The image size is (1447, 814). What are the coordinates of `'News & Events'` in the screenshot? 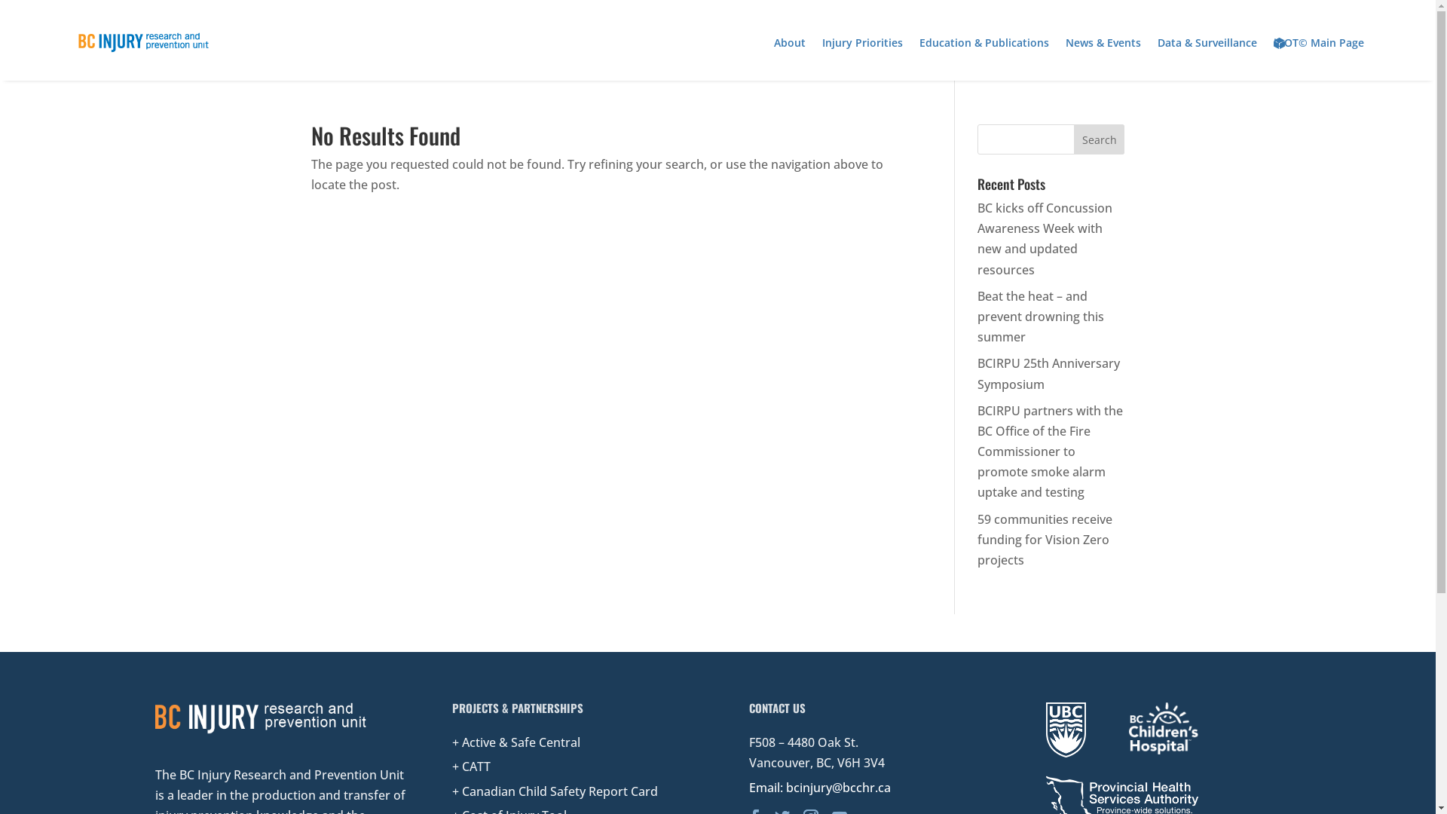 It's located at (1103, 42).